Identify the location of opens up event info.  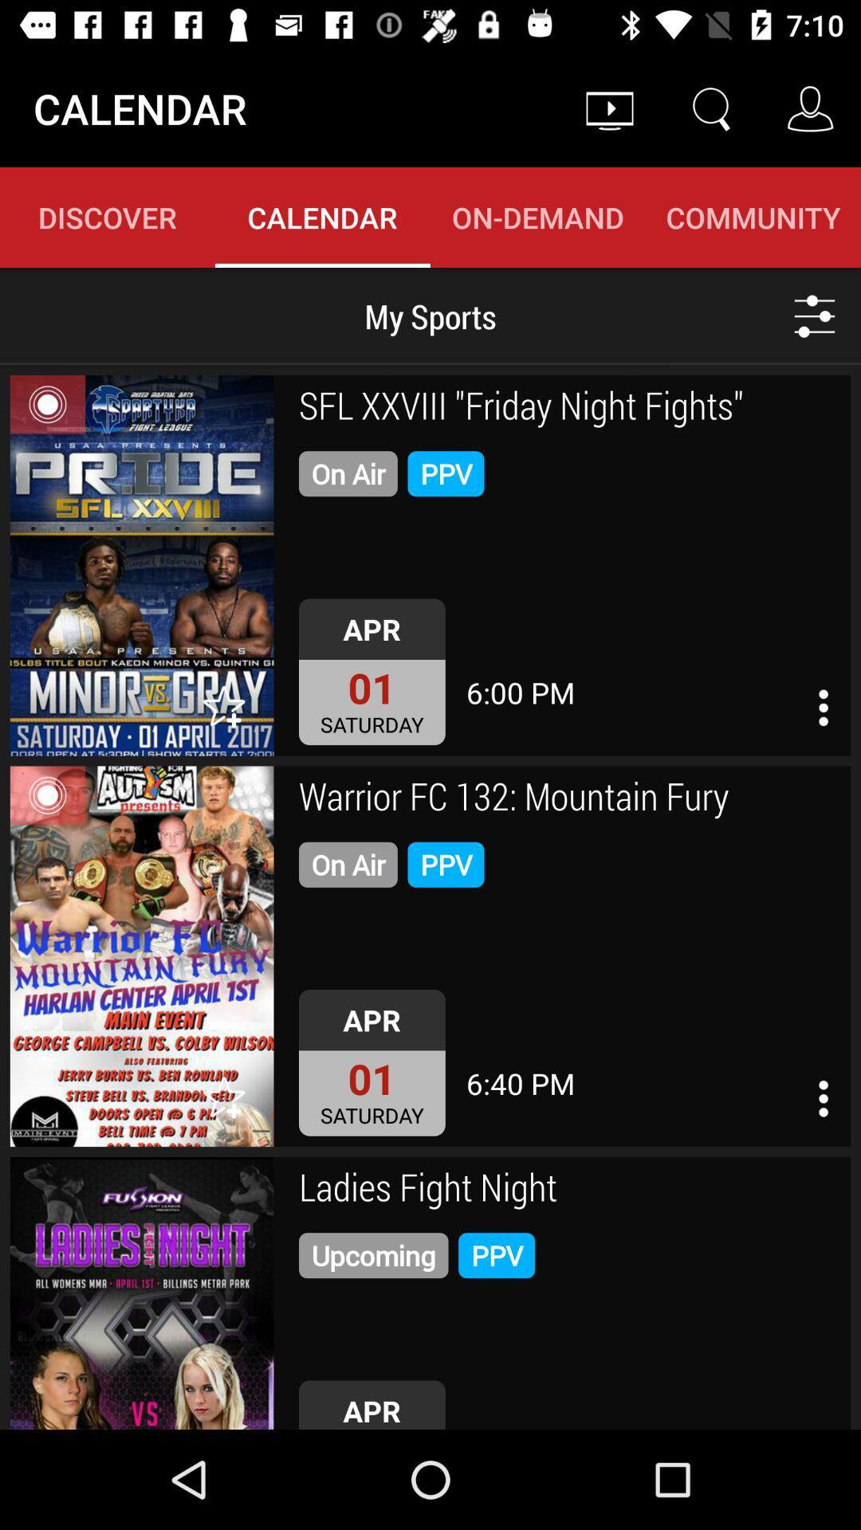
(141, 956).